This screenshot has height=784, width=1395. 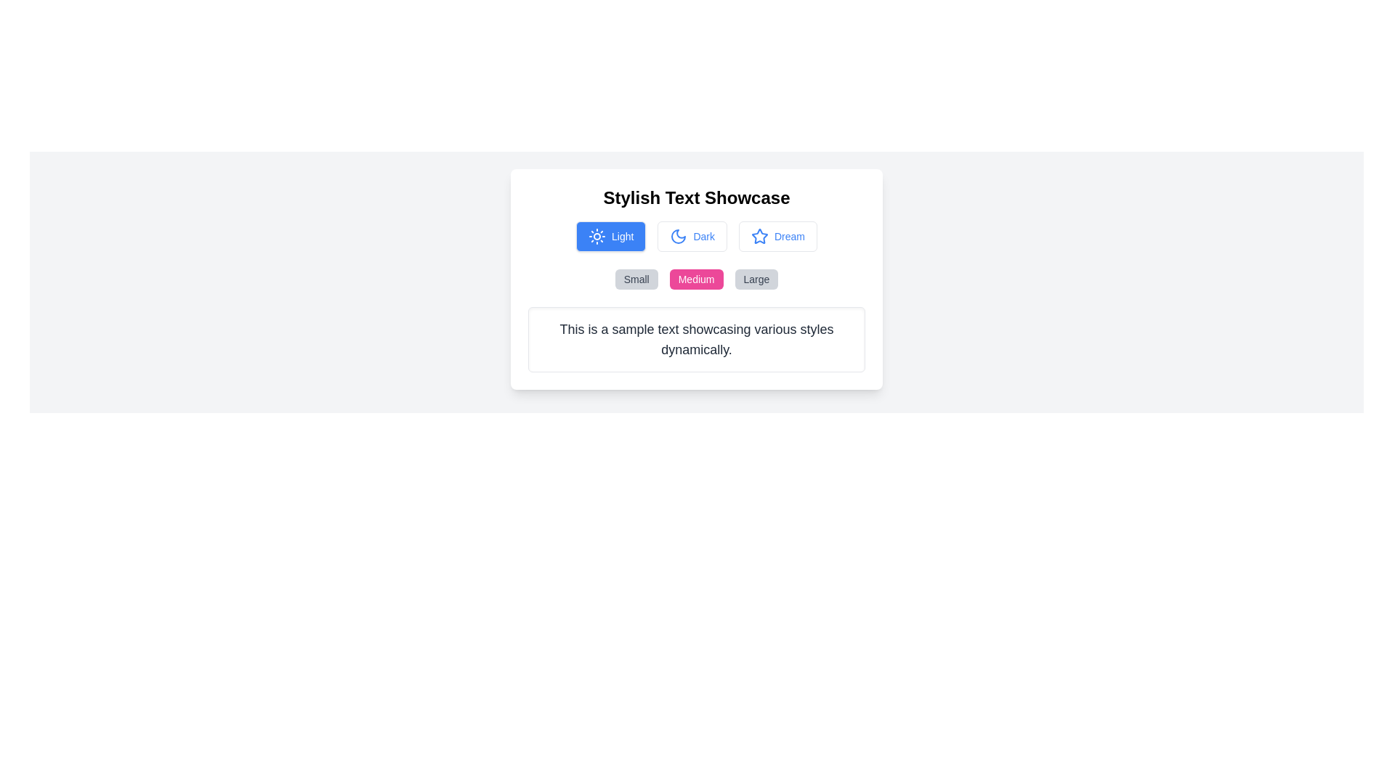 I want to click on the 'Large' button, which is the rightmost button in a group of three buttons labeled 'Small', 'Medium', and 'Large', so click(x=756, y=279).